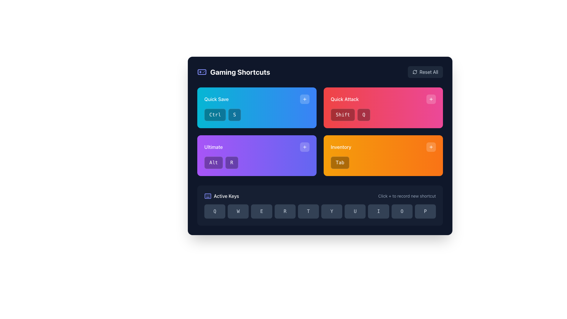 The image size is (567, 319). I want to click on the small white plus icon located in the top-right corner of the purple section labeled 'Ultimate', so click(305, 147).